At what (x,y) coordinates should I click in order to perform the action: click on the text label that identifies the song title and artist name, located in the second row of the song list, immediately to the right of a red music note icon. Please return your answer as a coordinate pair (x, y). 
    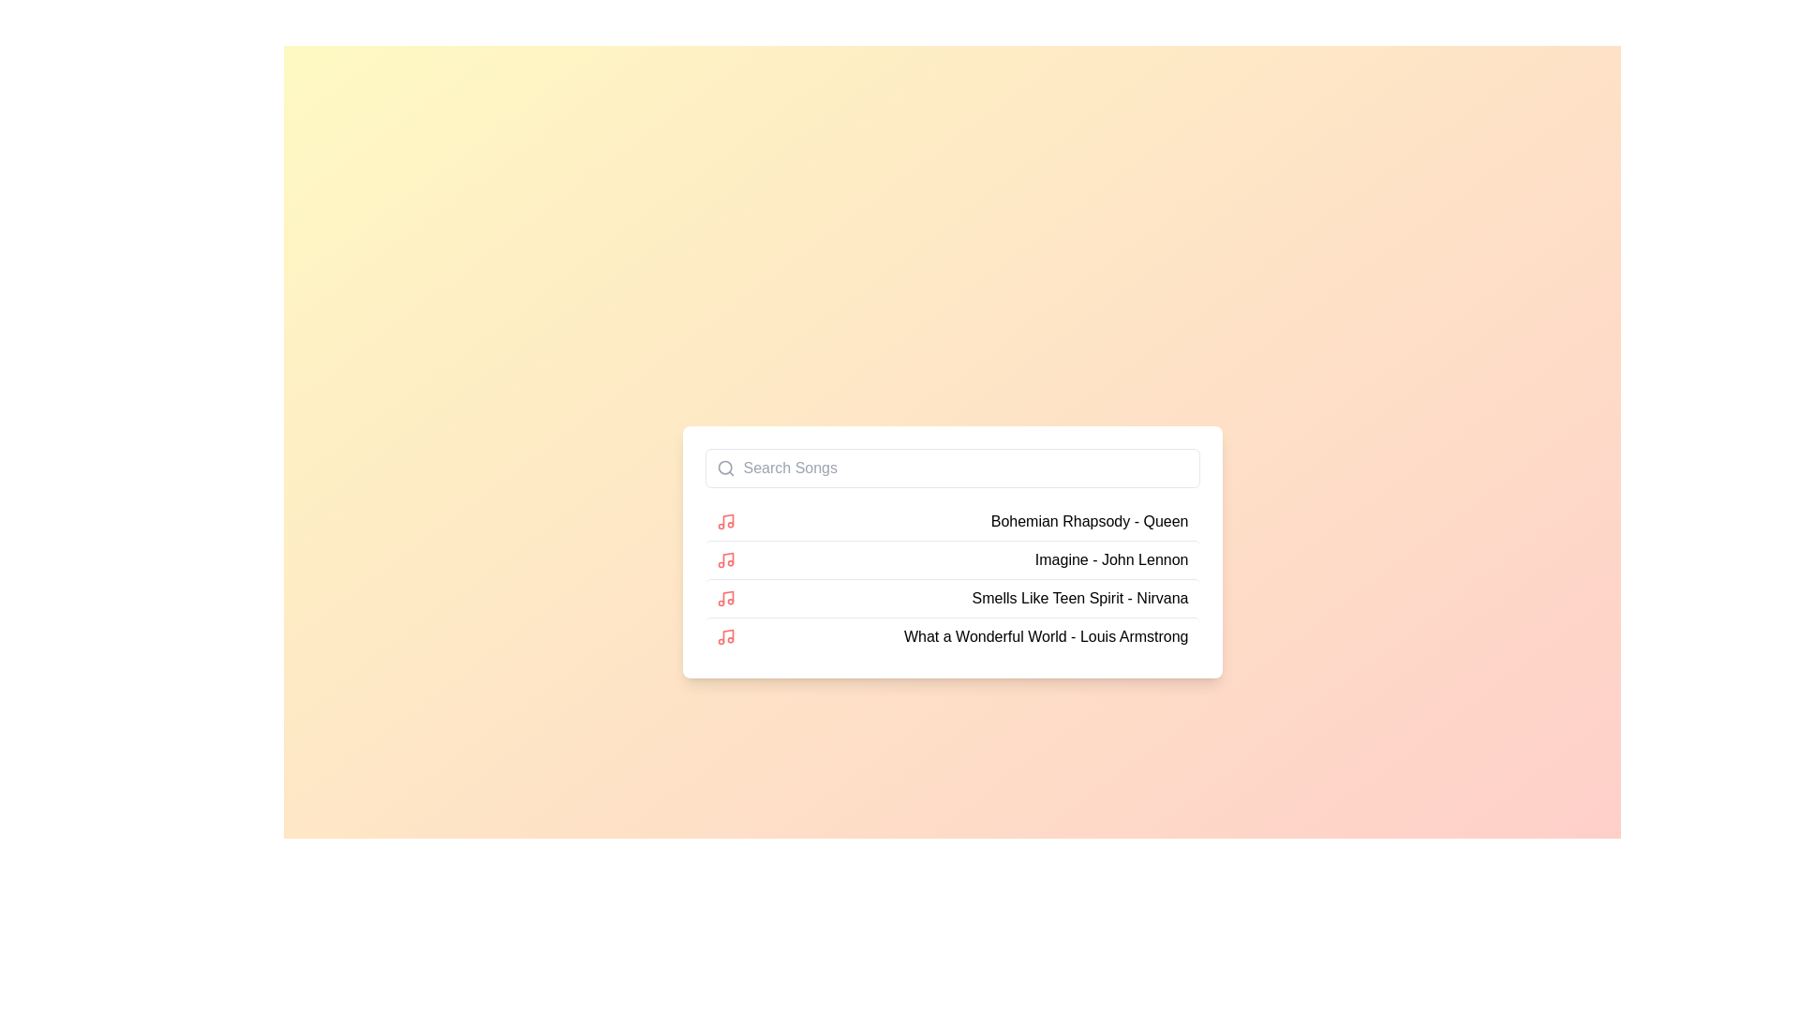
    Looking at the image, I should click on (1090, 521).